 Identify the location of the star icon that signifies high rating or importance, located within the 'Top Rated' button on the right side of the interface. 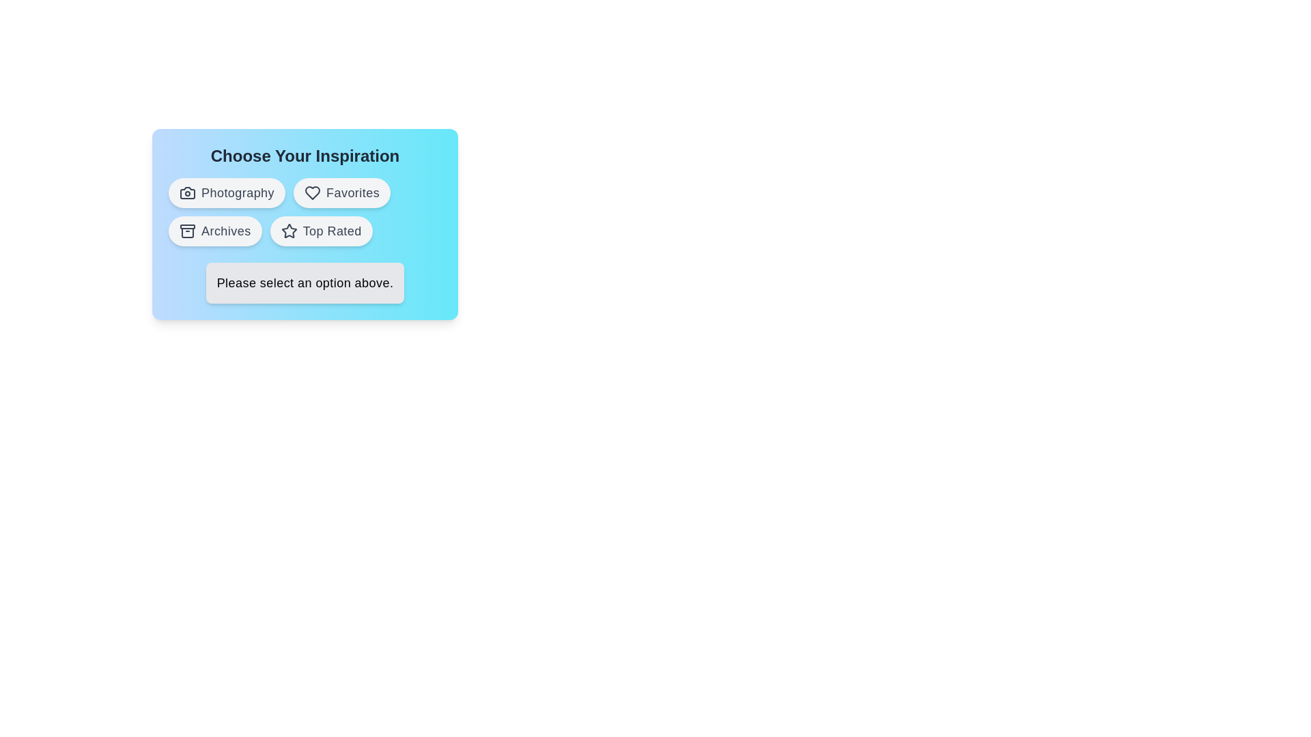
(288, 231).